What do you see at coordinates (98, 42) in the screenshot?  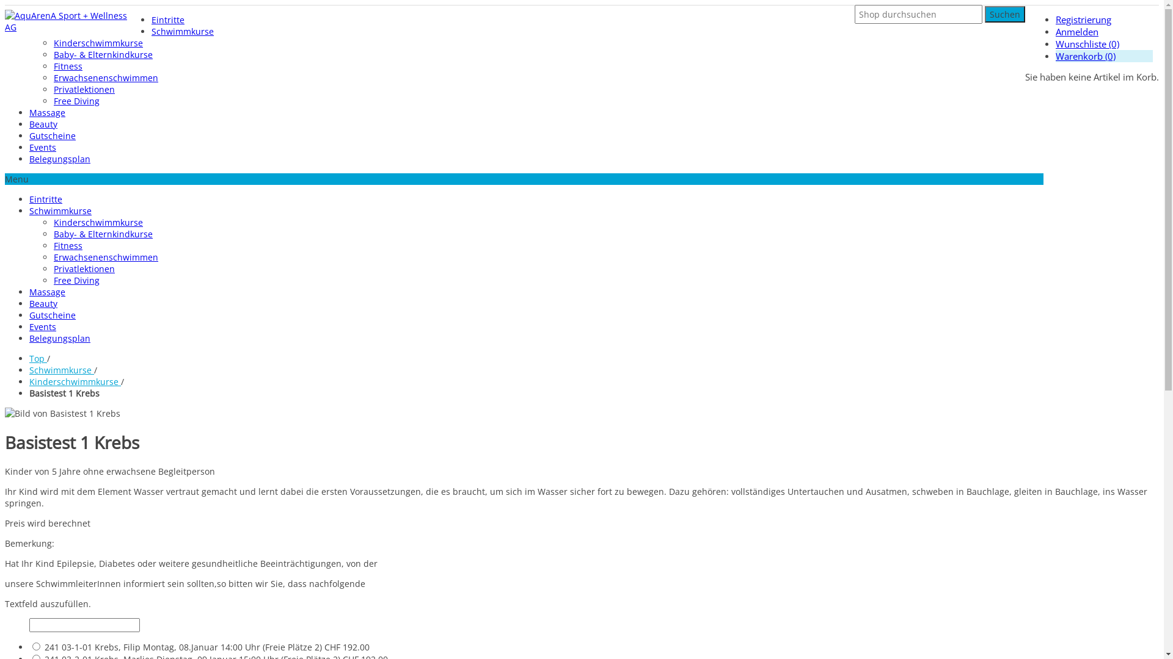 I see `'Kinderschwimmkurse'` at bounding box center [98, 42].